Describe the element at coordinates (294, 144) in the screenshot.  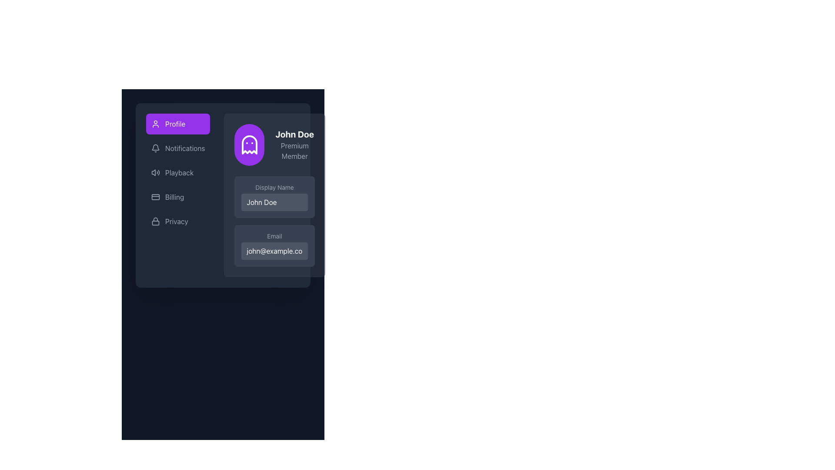
I see `the text display element that shows the user's name 'John Doe' and membership status 'Premium Member' in the upper-right area of the profile card` at that location.